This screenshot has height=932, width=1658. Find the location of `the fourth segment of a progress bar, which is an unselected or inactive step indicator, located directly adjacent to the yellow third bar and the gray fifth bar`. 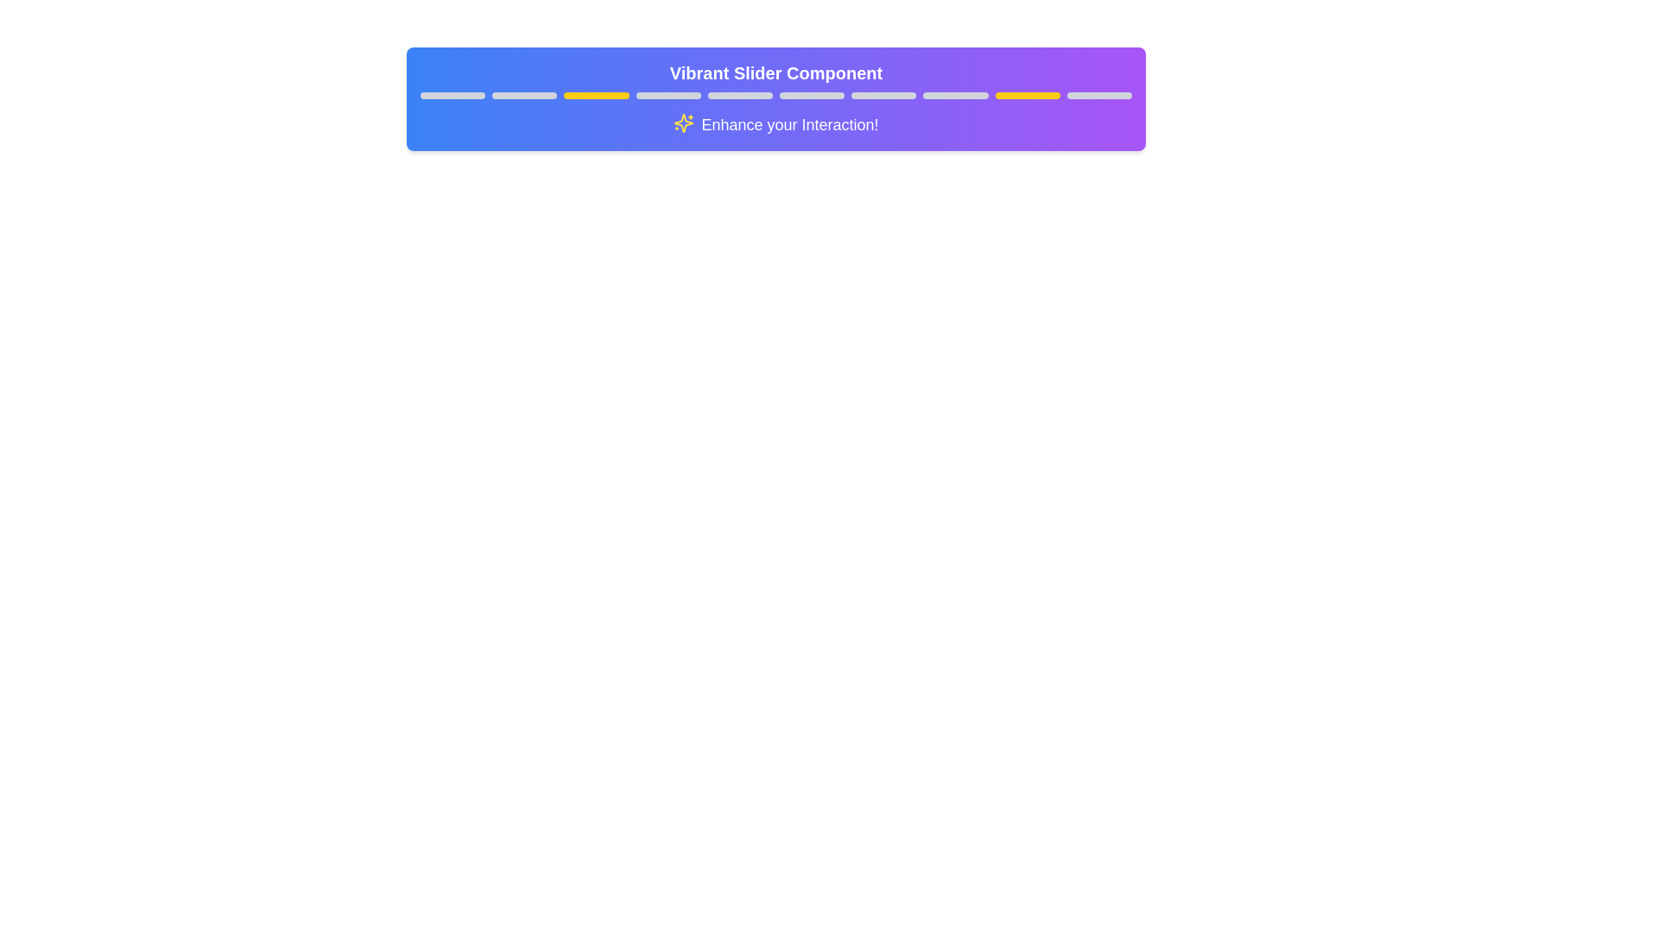

the fourth segment of a progress bar, which is an unselected or inactive step indicator, located directly adjacent to the yellow third bar and the gray fifth bar is located at coordinates (668, 96).